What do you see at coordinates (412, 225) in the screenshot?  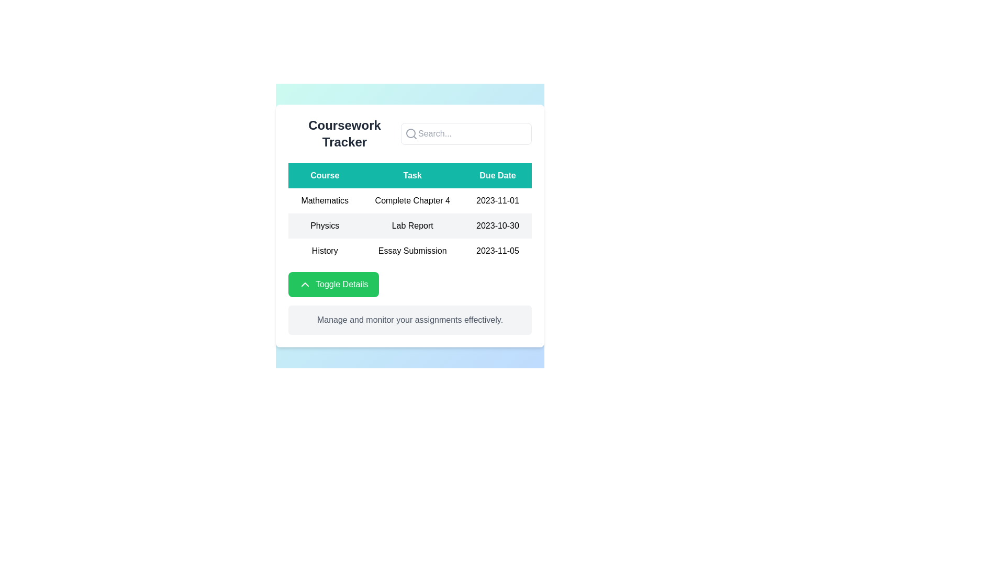 I see `the Text Label displaying the task associated with a specific subject, located in the second row under the 'Task' column` at bounding box center [412, 225].